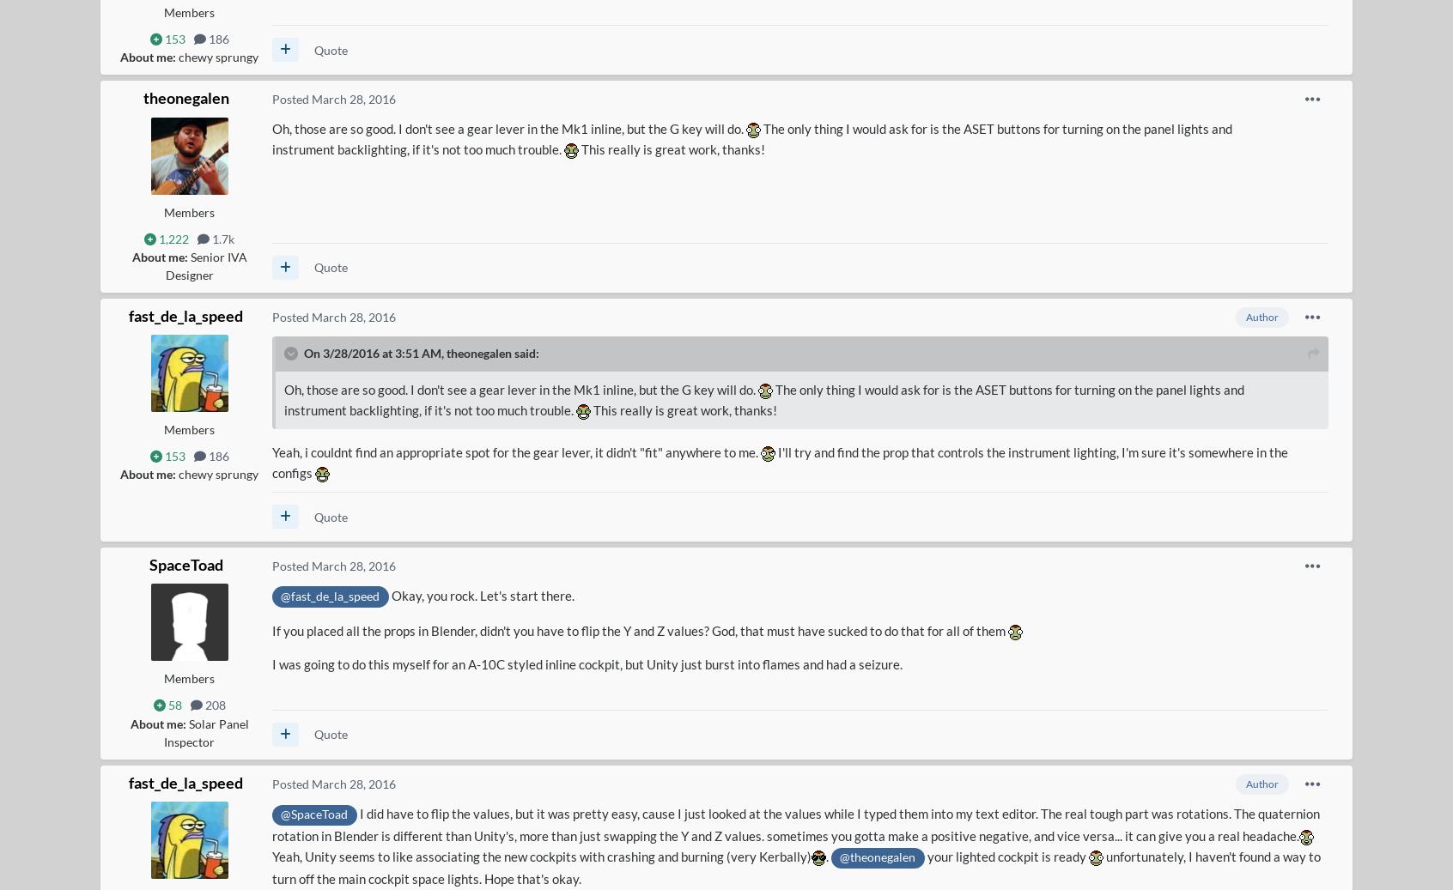 This screenshot has height=890, width=1453. Describe the element at coordinates (271, 857) in the screenshot. I see `'Yeah, Unity seems to like associating the new cockpits with crashing and burning (very Kerbally)'` at that location.